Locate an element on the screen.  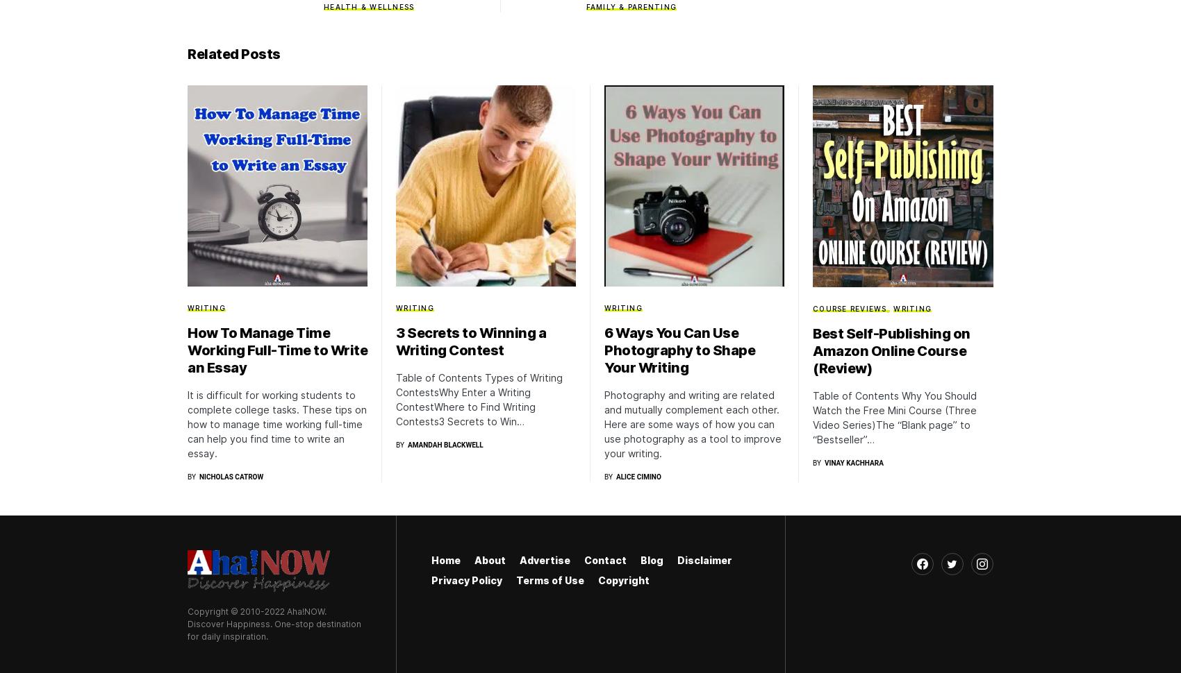
'Vinay Kachhara' is located at coordinates (823, 461).